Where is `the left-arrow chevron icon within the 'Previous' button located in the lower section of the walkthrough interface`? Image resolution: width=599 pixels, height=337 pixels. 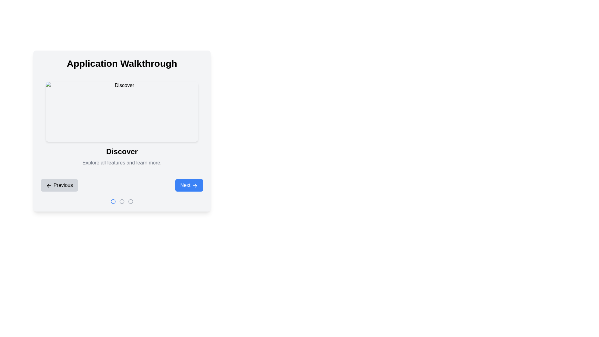 the left-arrow chevron icon within the 'Previous' button located in the lower section of the walkthrough interface is located at coordinates (48, 185).